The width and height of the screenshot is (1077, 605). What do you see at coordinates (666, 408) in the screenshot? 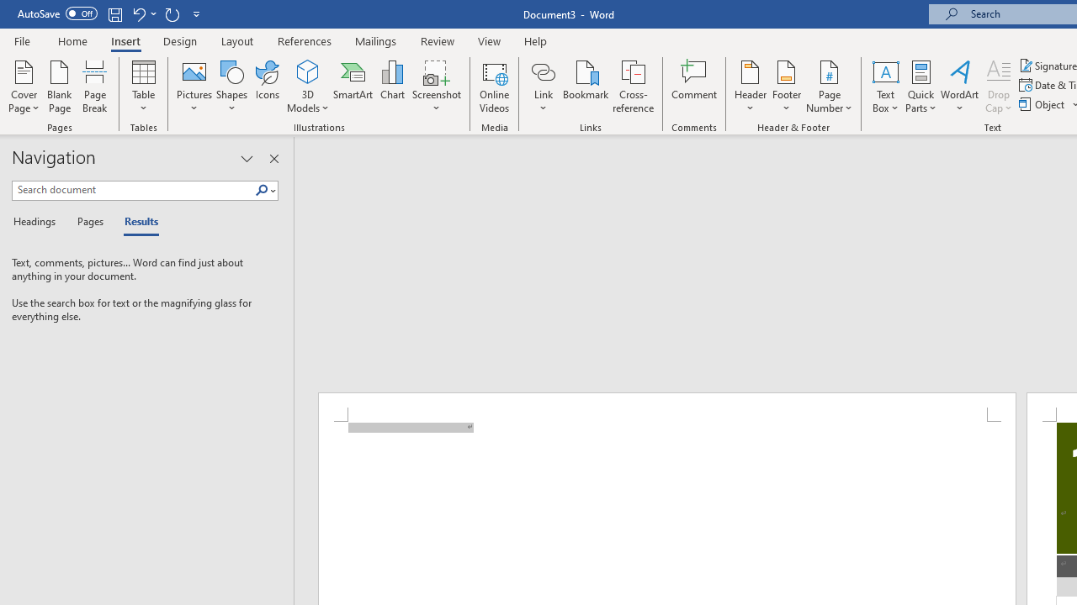
I see `'Header -Section 1-'` at bounding box center [666, 408].